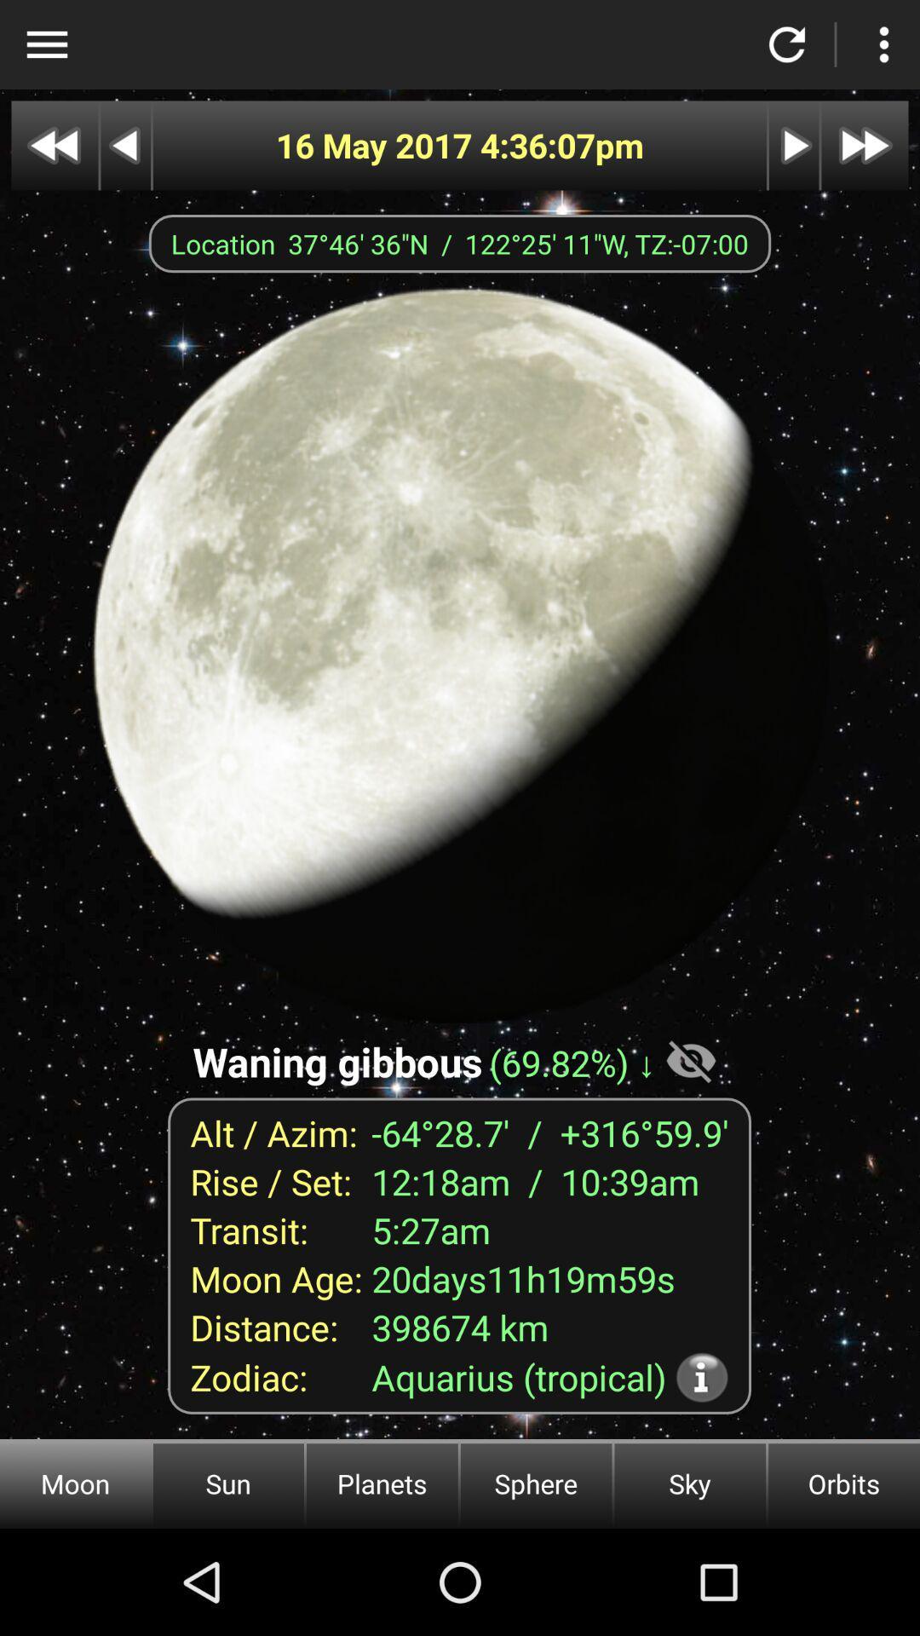 Image resolution: width=920 pixels, height=1636 pixels. Describe the element at coordinates (54, 146) in the screenshot. I see `beginning` at that location.